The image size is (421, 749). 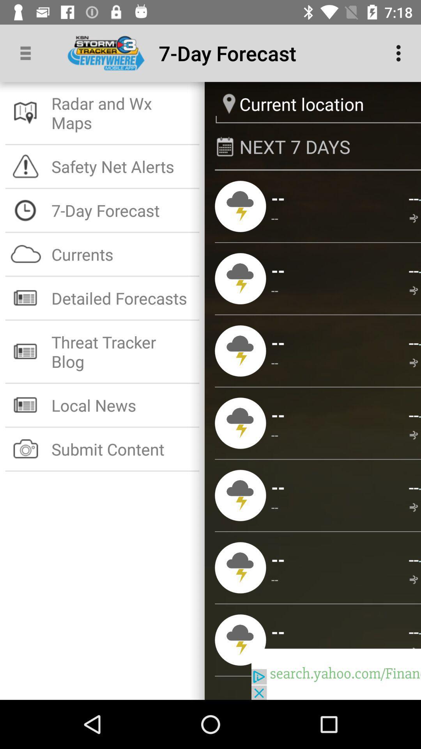 I want to click on the 7th icon, so click(x=240, y=640).